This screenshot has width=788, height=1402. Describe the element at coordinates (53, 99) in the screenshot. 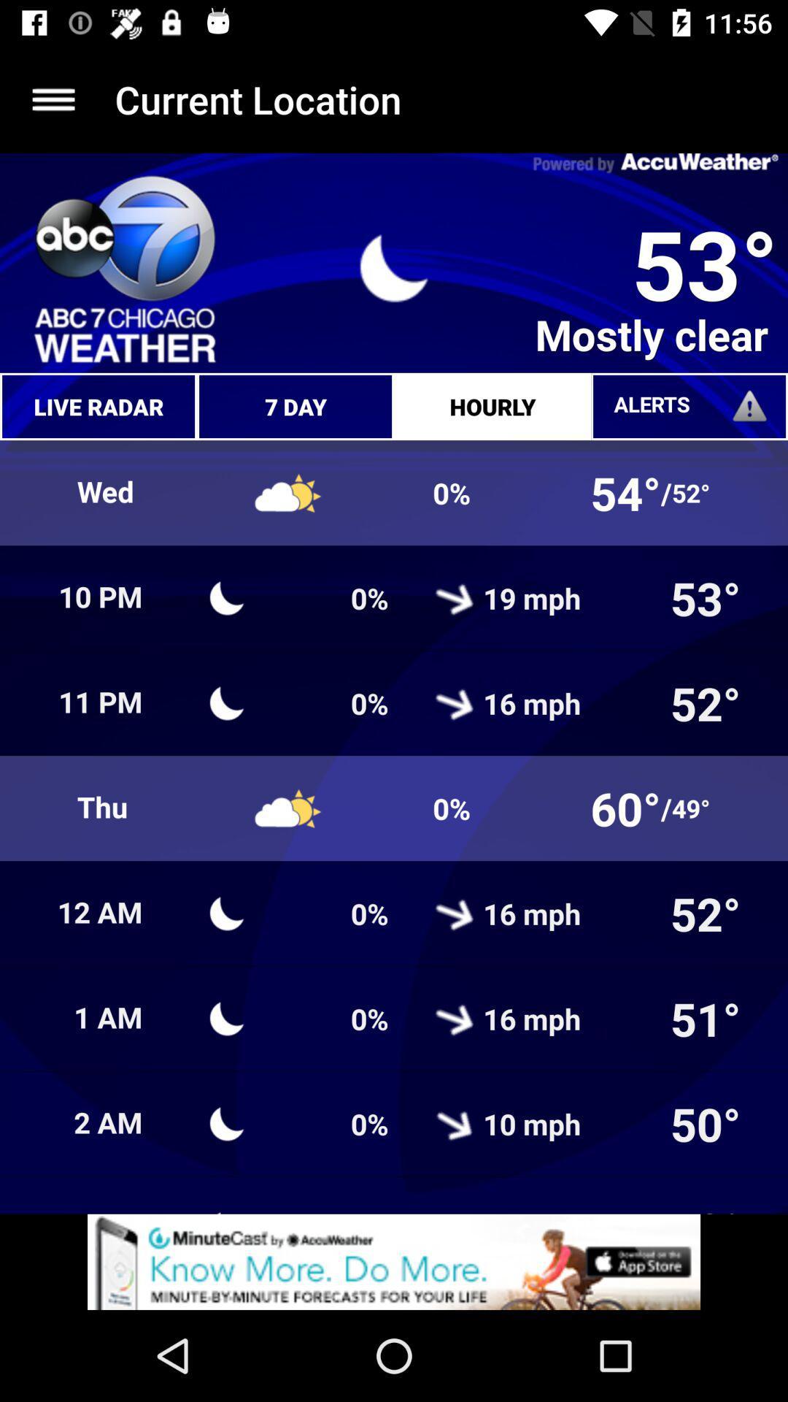

I see `the menu icon` at that location.